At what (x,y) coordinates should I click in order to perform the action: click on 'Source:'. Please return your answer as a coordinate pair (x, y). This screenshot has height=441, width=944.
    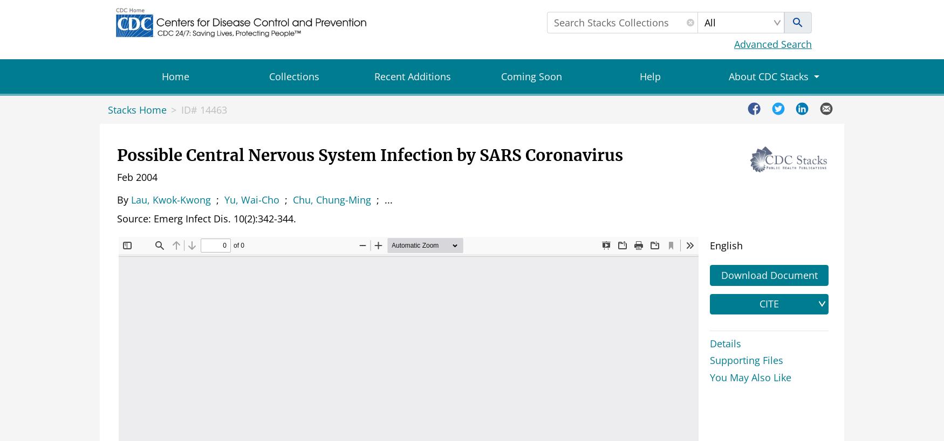
    Looking at the image, I should click on (135, 218).